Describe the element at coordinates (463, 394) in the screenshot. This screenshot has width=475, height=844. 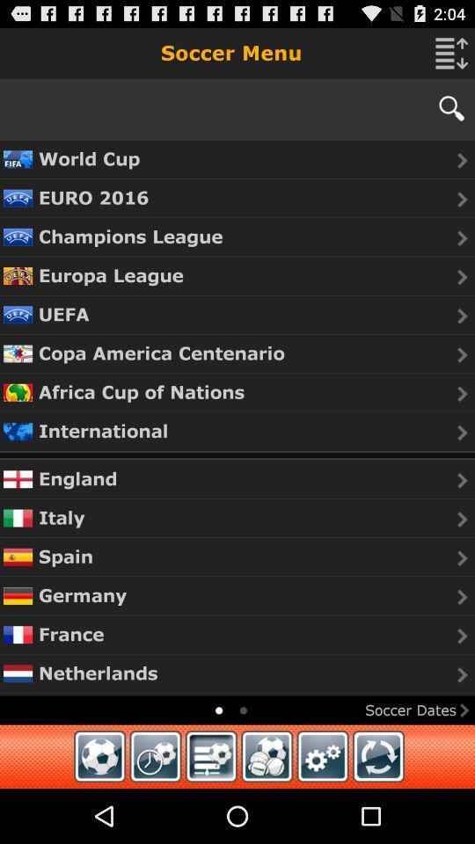
I see `the arrow in front of the text africa cup of nations` at that location.